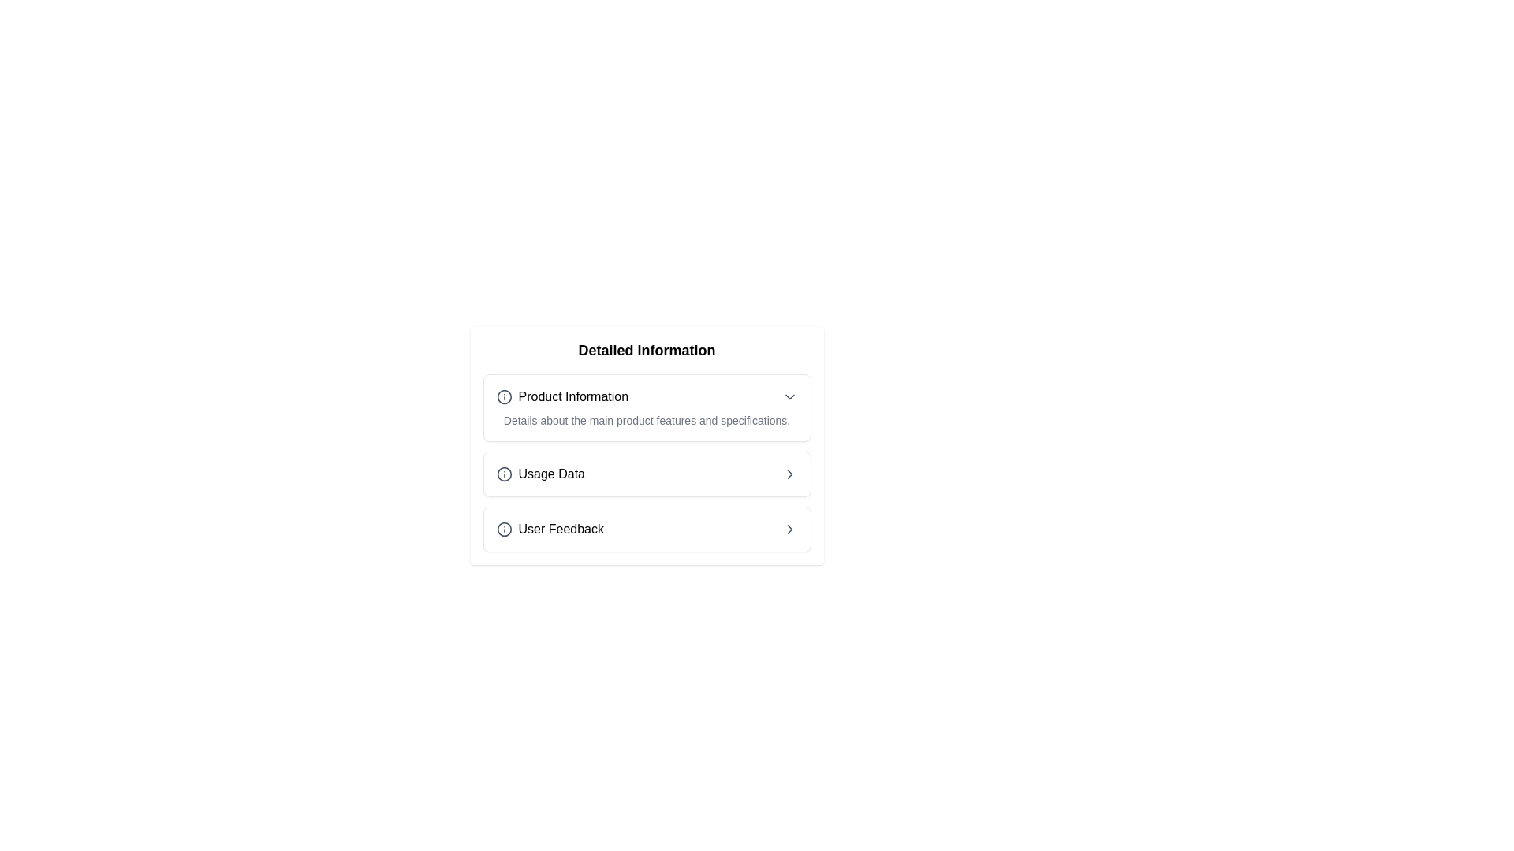  What do you see at coordinates (789, 529) in the screenshot?
I see `the right-facing chevron icon with a dark gray color located at the right end of the 'User Feedback' row to initiate navigation` at bounding box center [789, 529].